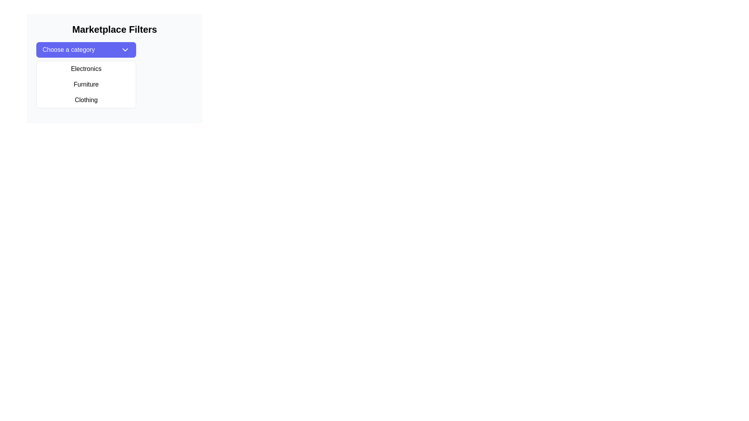 The width and height of the screenshot is (749, 421). Describe the element at coordinates (86, 100) in the screenshot. I see `the 'Clothing' list item in the dropdown menu` at that location.